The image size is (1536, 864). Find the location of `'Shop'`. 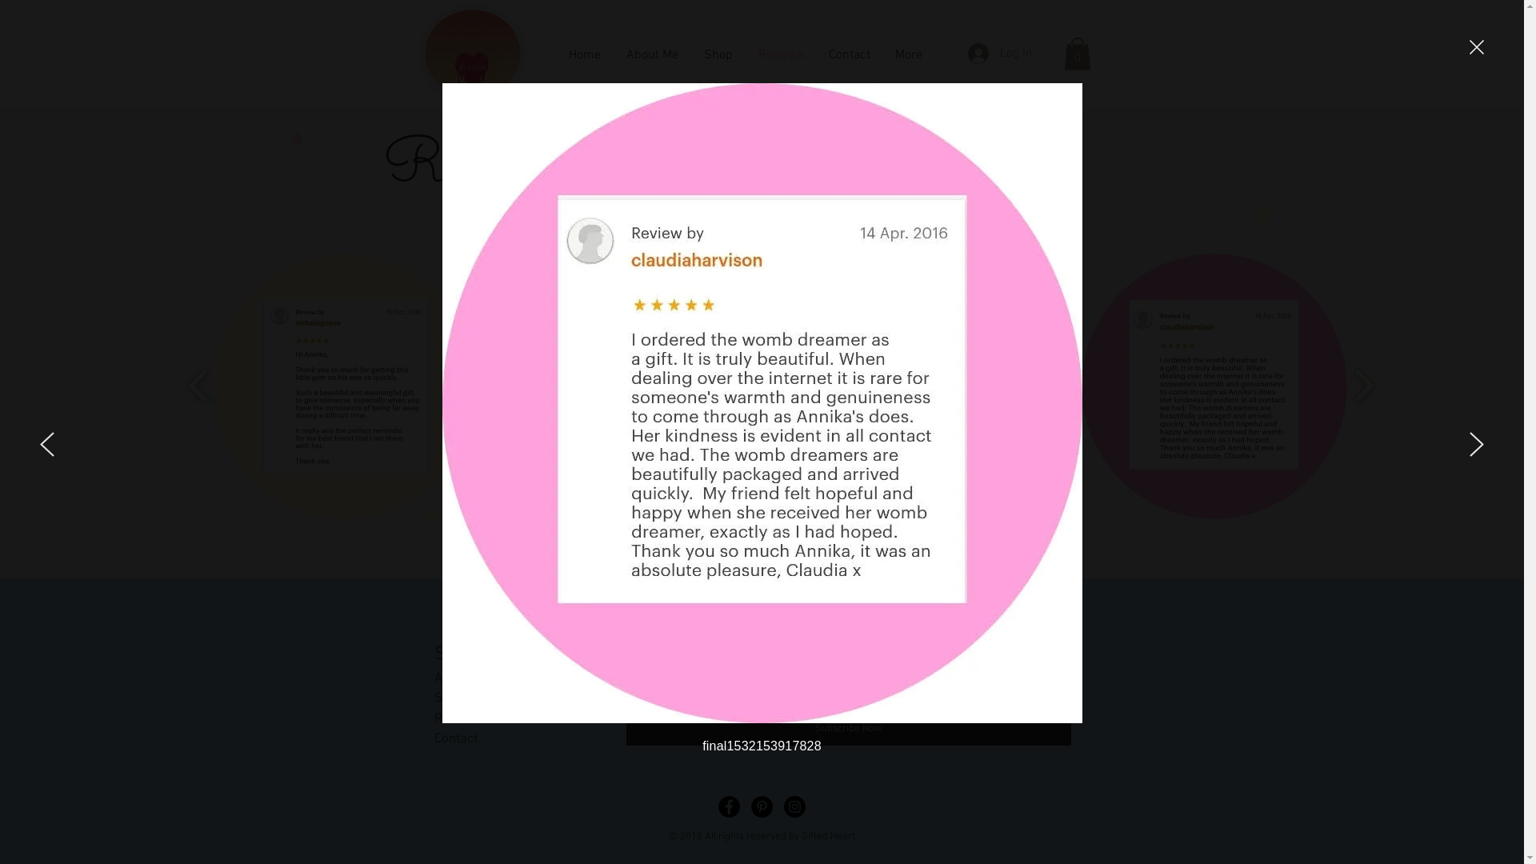

'Shop' is located at coordinates (691, 53).